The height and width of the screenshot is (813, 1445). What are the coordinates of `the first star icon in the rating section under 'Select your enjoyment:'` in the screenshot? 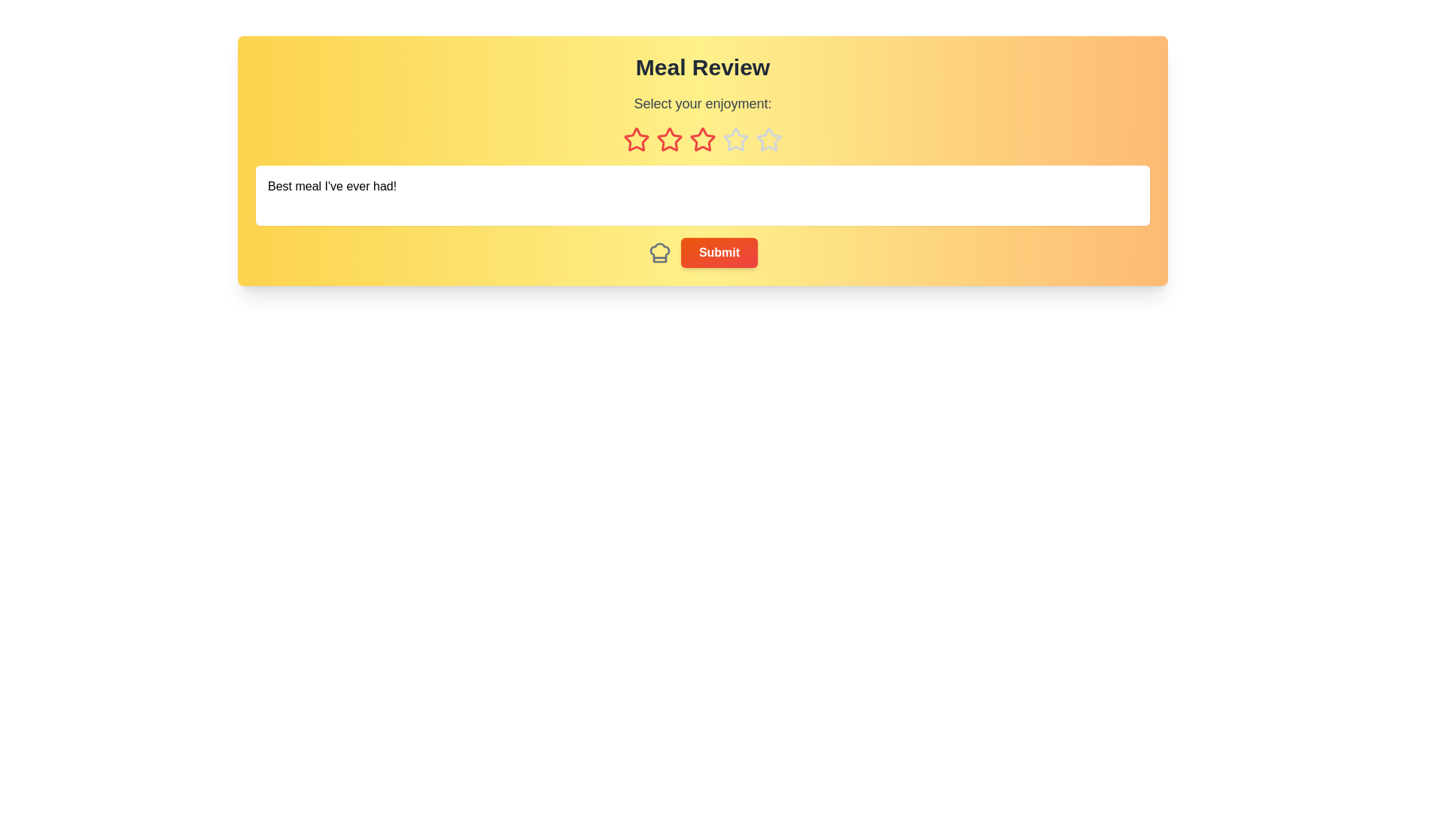 It's located at (636, 139).